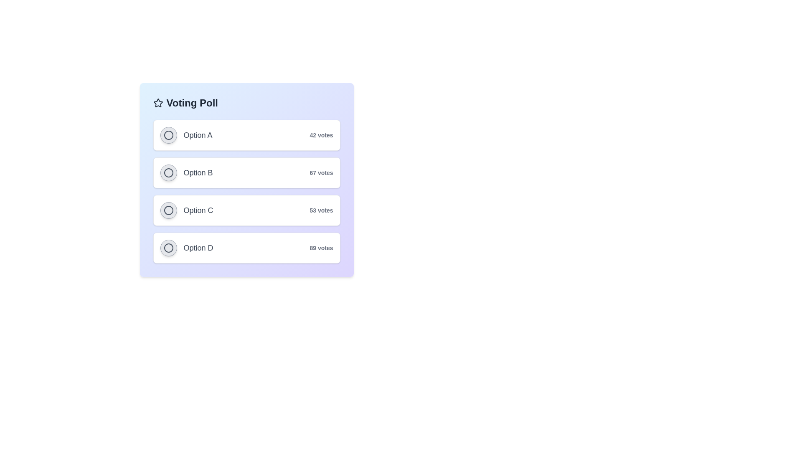  What do you see at coordinates (321, 248) in the screenshot?
I see `the text label displaying the number of votes for 'Option D', which is positioned at the rightmost part of the card for Option D in the voting interface` at bounding box center [321, 248].